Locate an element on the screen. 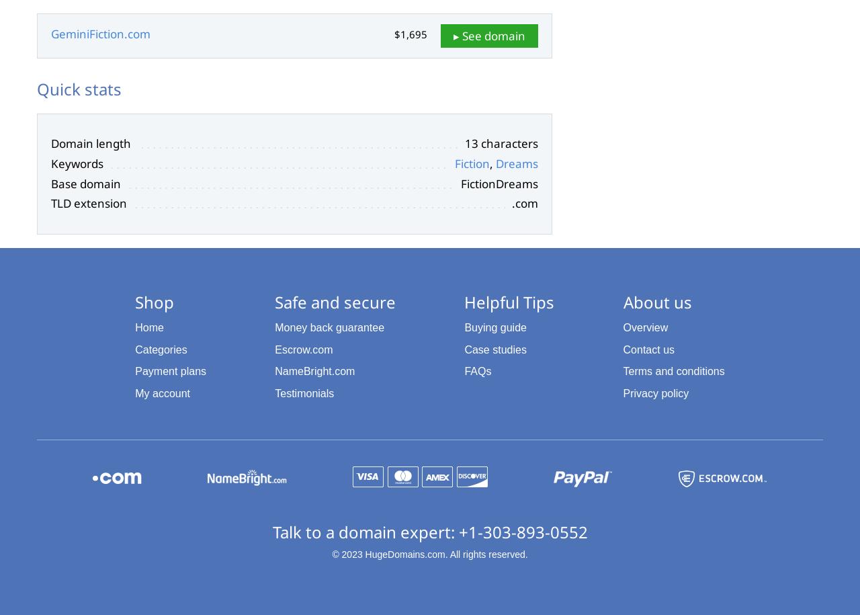 The image size is (860, 615). 'My account' is located at coordinates (162, 393).